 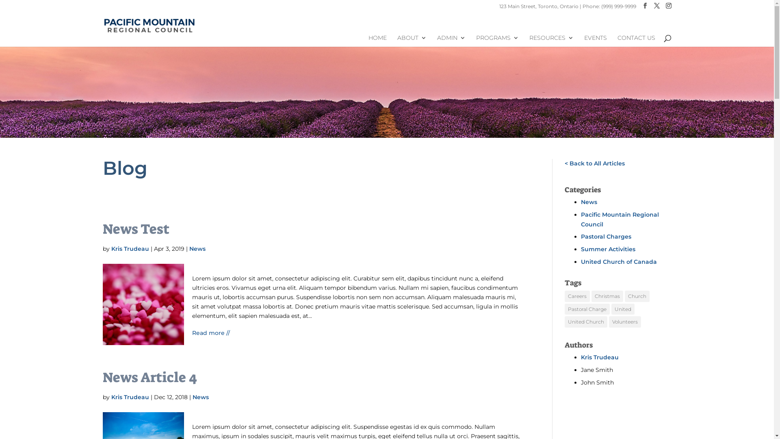 I want to click on 'Pastoral Charges', so click(x=581, y=237).